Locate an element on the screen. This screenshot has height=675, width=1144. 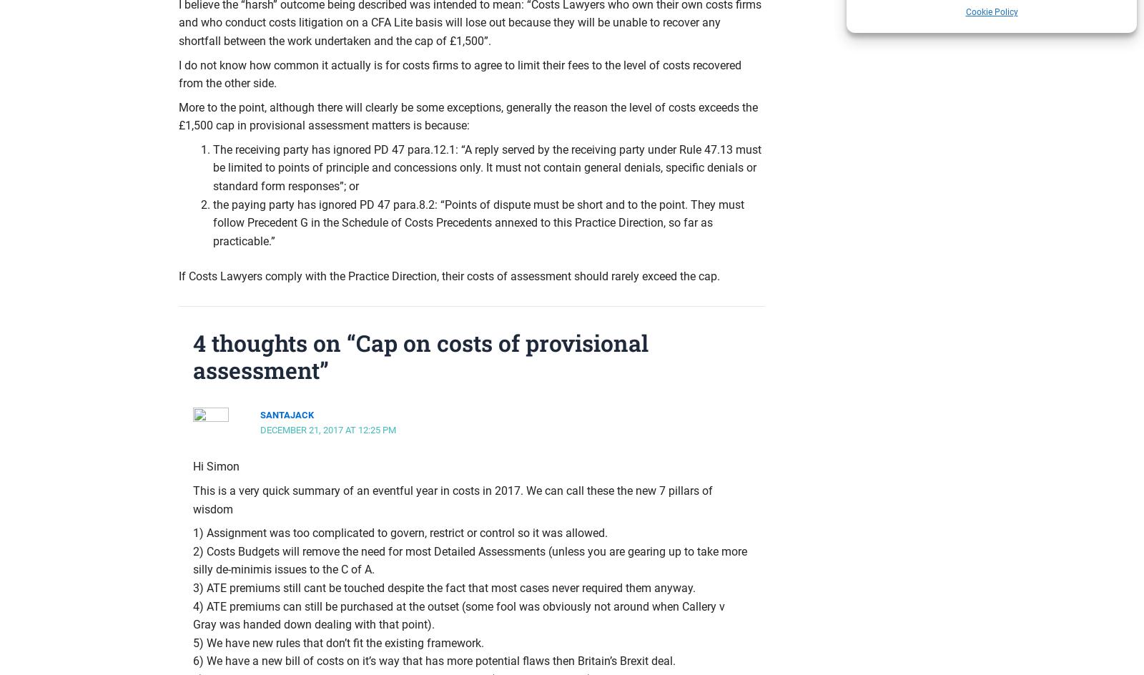
'5) We have new rules that don’t fit the existing framework.' is located at coordinates (337, 641).